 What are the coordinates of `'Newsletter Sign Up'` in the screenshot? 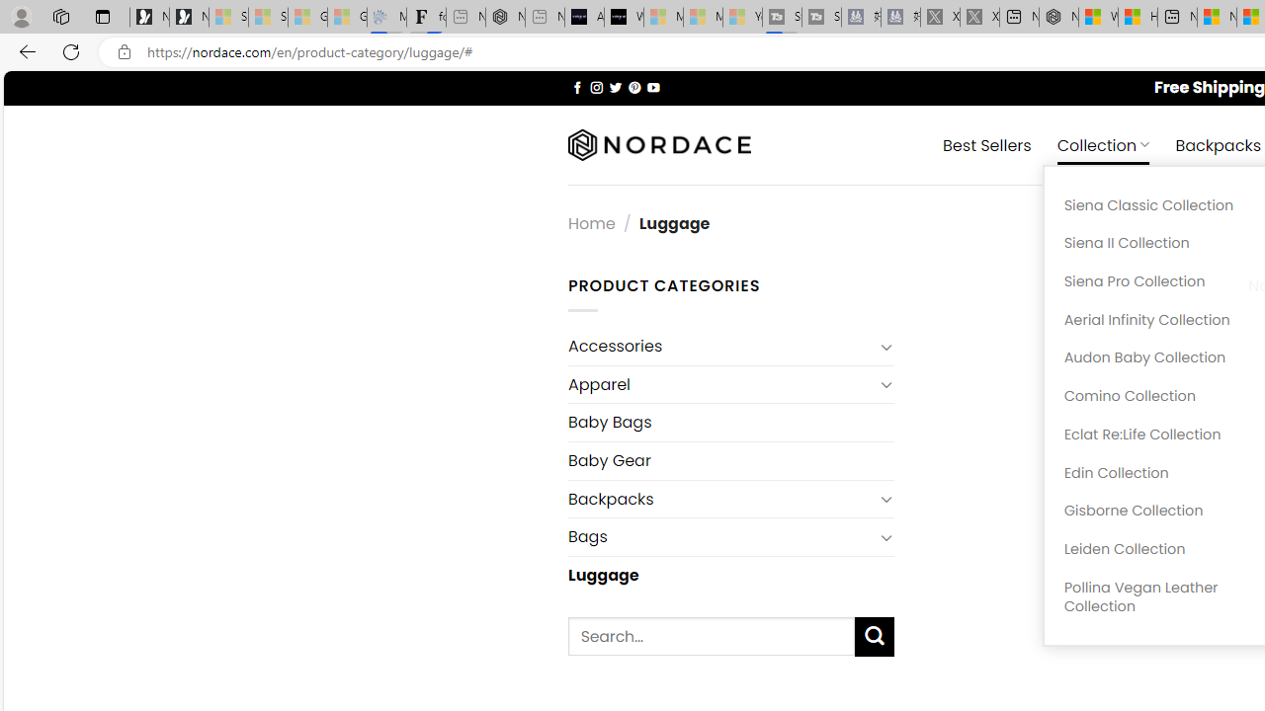 It's located at (189, 17).